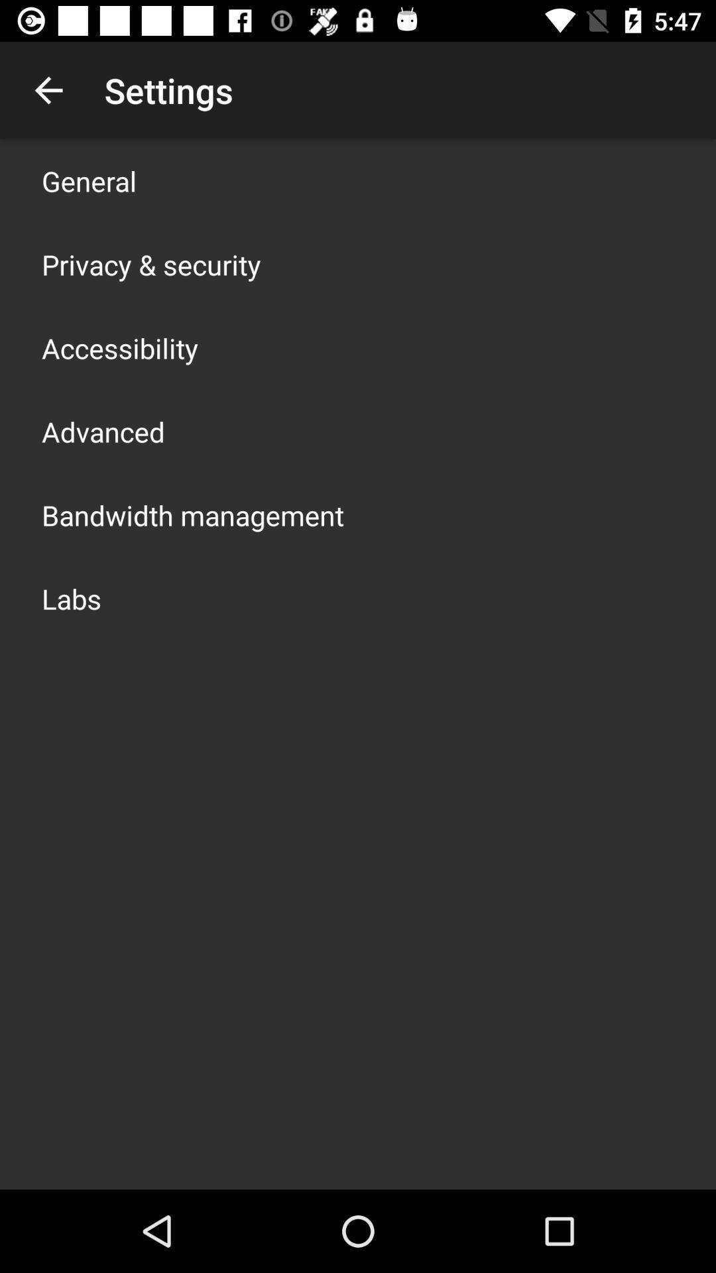 This screenshot has height=1273, width=716. What do you see at coordinates (72, 597) in the screenshot?
I see `labs item` at bounding box center [72, 597].